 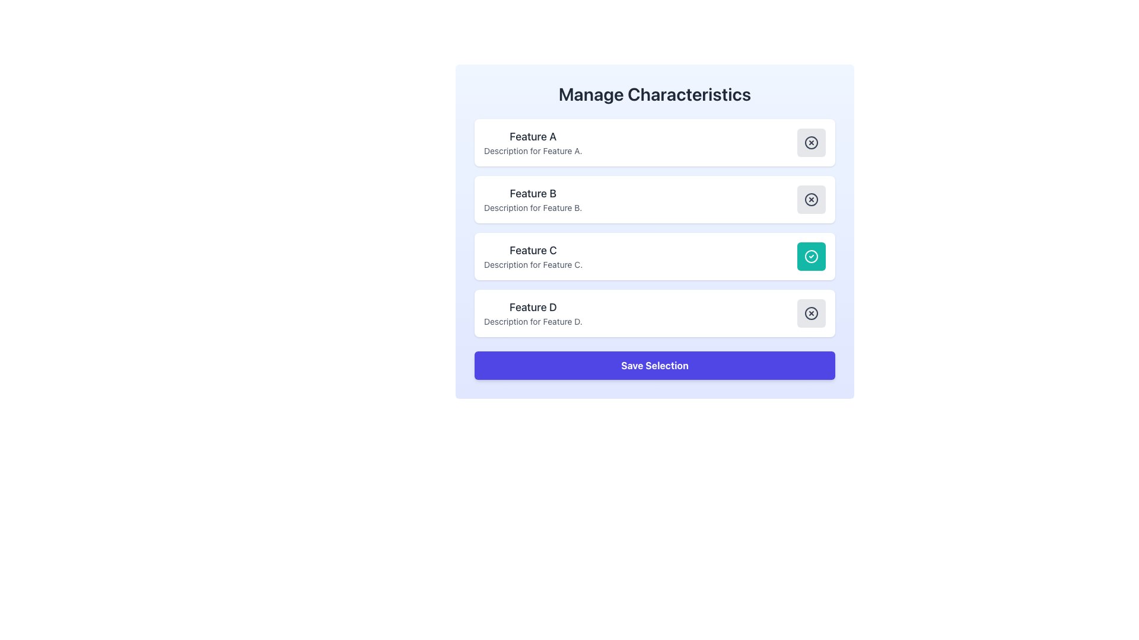 What do you see at coordinates (811, 312) in the screenshot?
I see `the circular button with a gray background and a dark gray cross icon, which is positioned inline with the text 'Feature DDescription for Feature D.'` at bounding box center [811, 312].